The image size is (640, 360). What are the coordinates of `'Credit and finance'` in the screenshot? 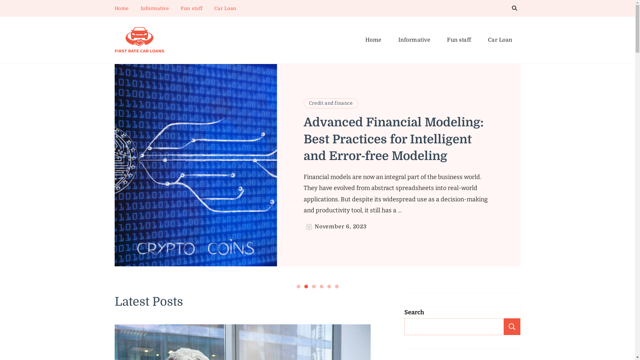 It's located at (331, 103).